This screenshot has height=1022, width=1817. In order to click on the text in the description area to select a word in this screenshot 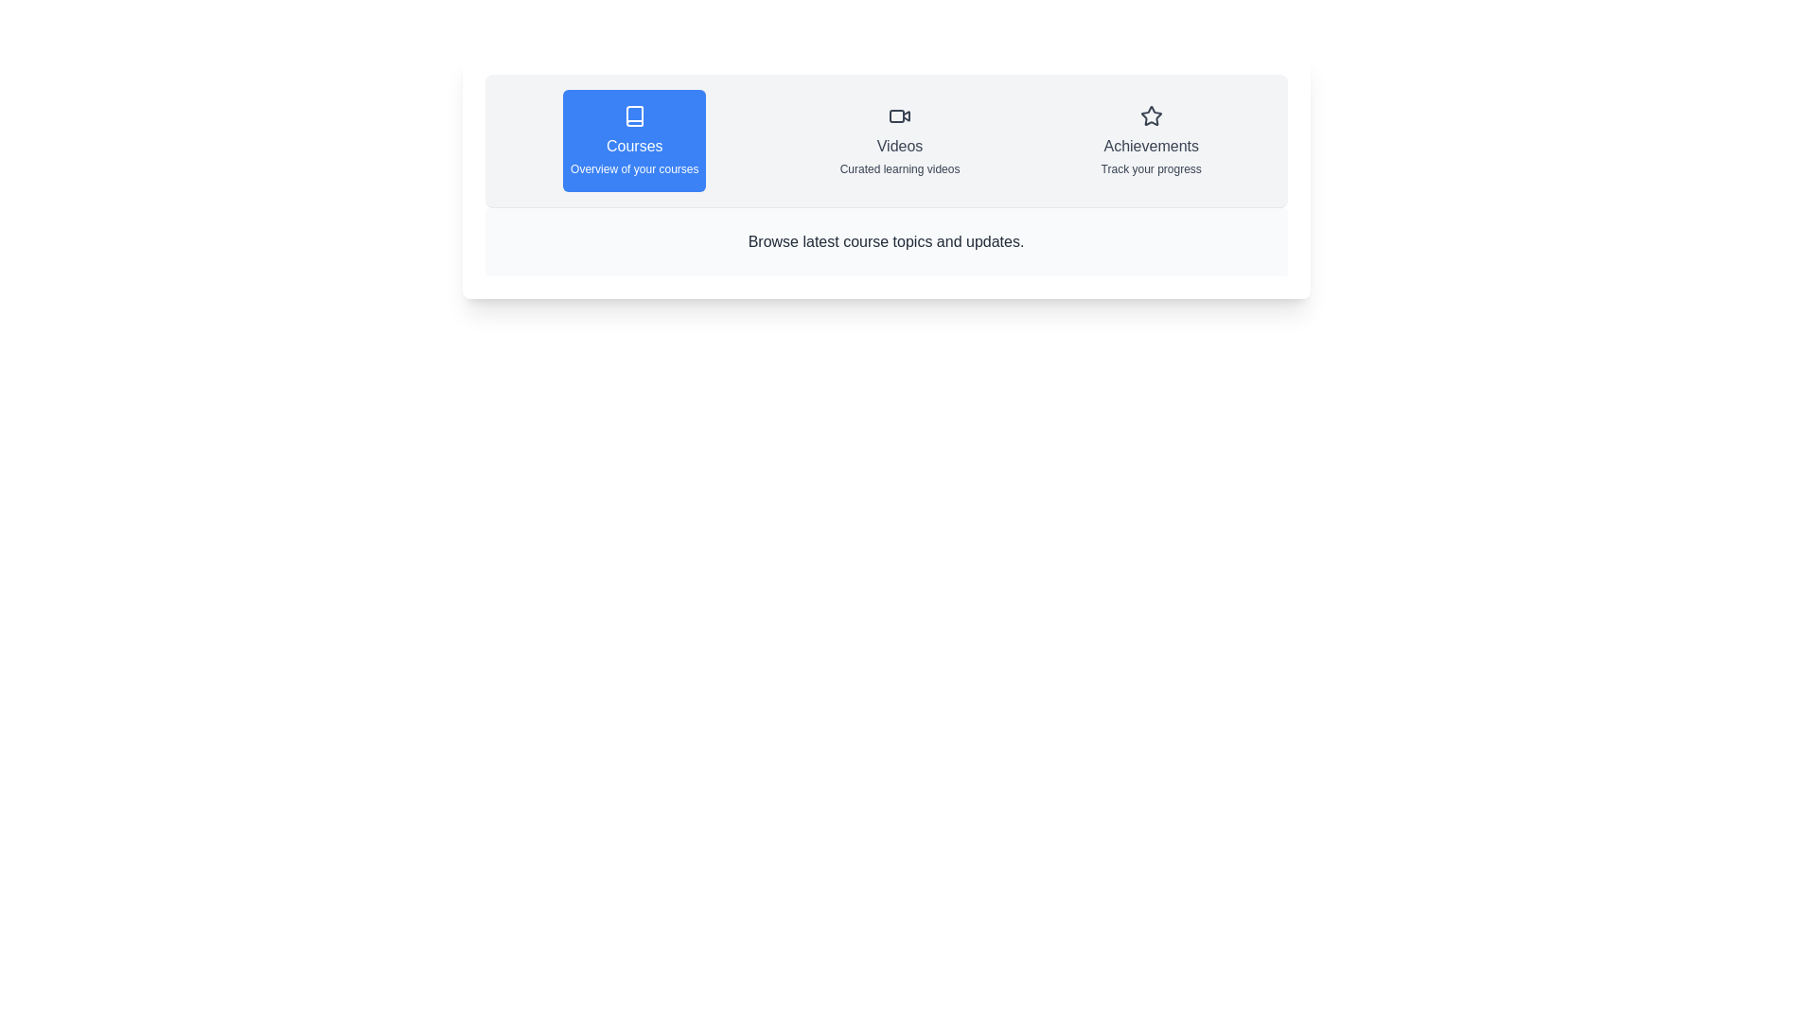, I will do `click(885, 240)`.